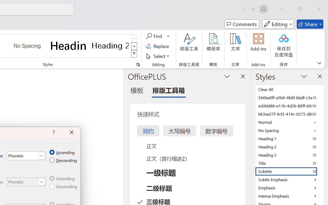  I want to click on 'Mode', so click(278, 24).